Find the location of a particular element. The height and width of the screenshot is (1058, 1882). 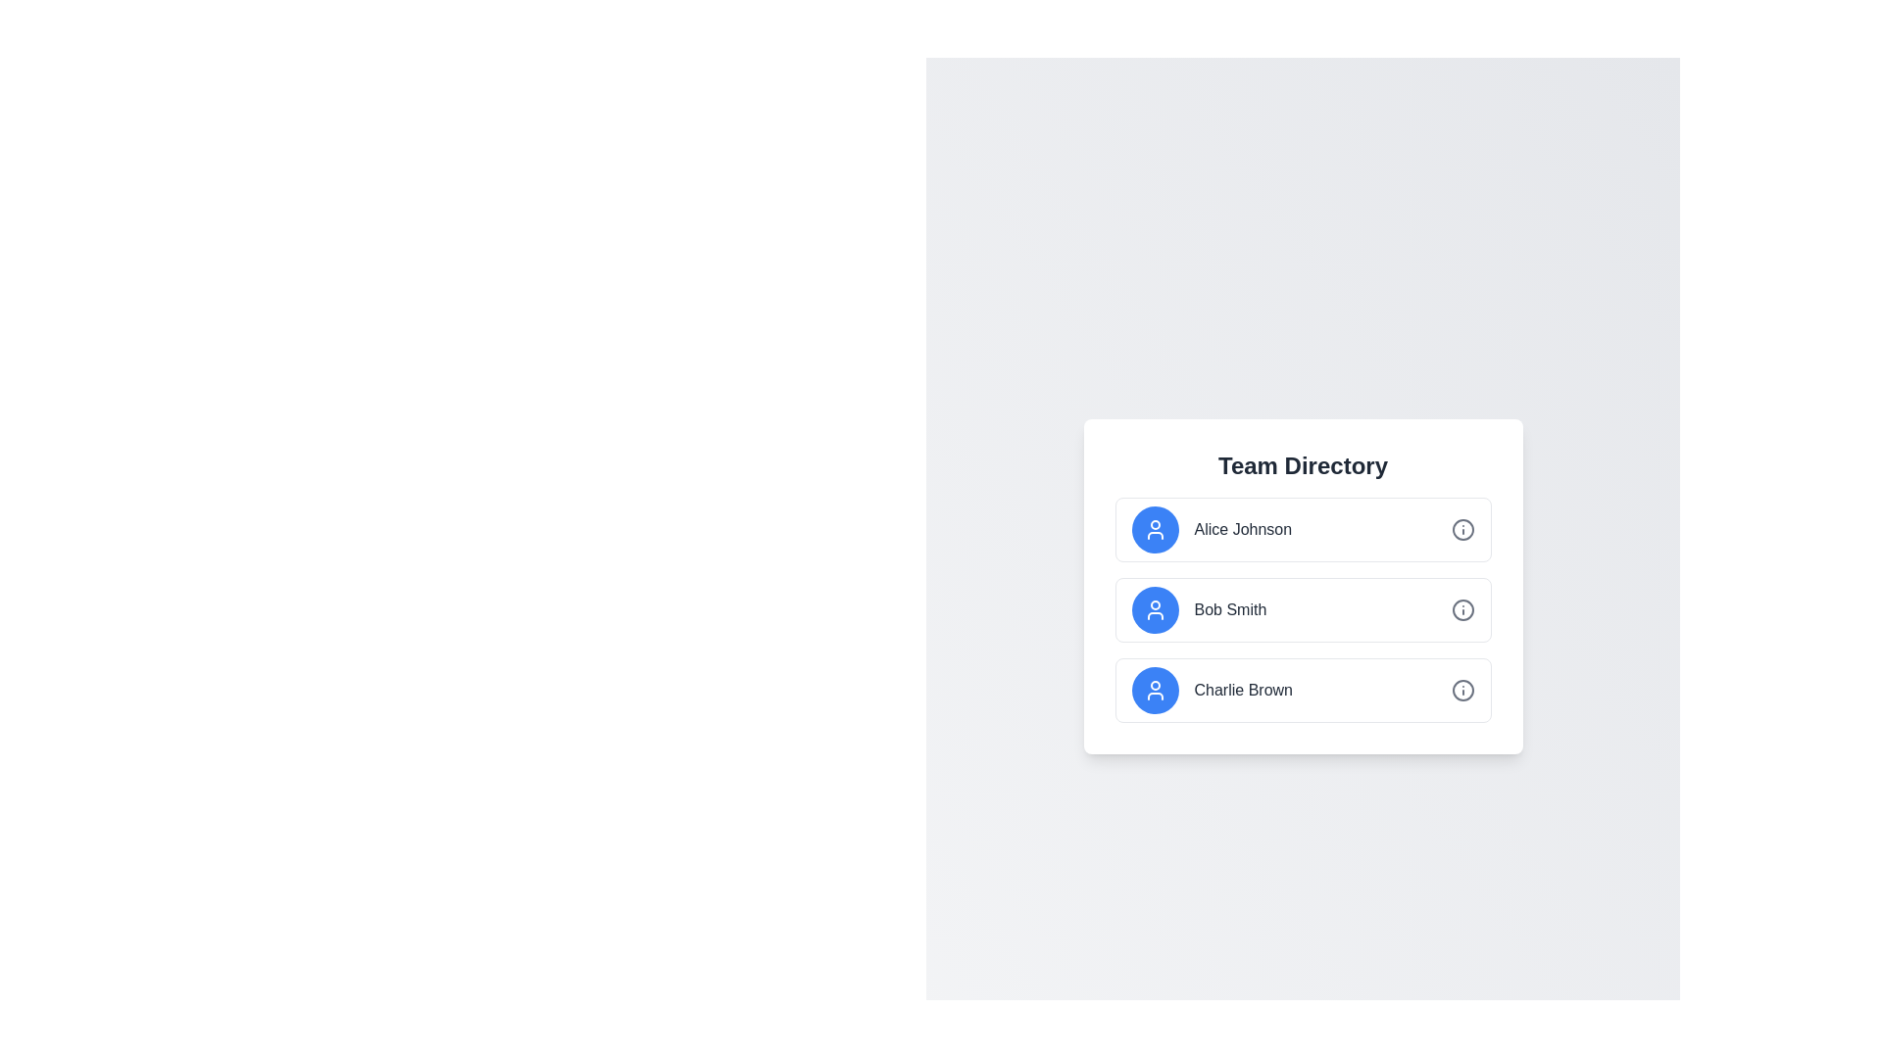

the list item representing 'Charlie Brown' in the 'Team Directory' is located at coordinates (1303, 690).